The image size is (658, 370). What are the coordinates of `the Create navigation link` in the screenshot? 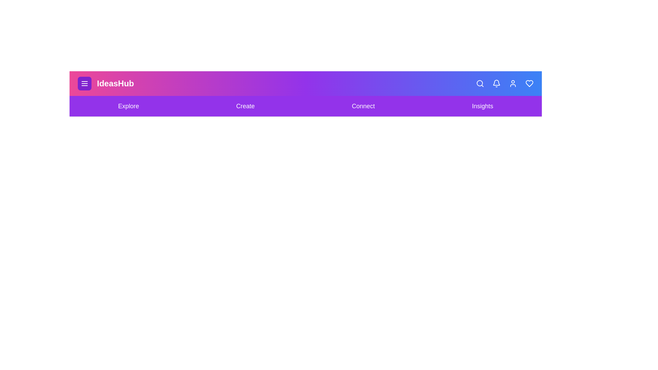 It's located at (245, 106).